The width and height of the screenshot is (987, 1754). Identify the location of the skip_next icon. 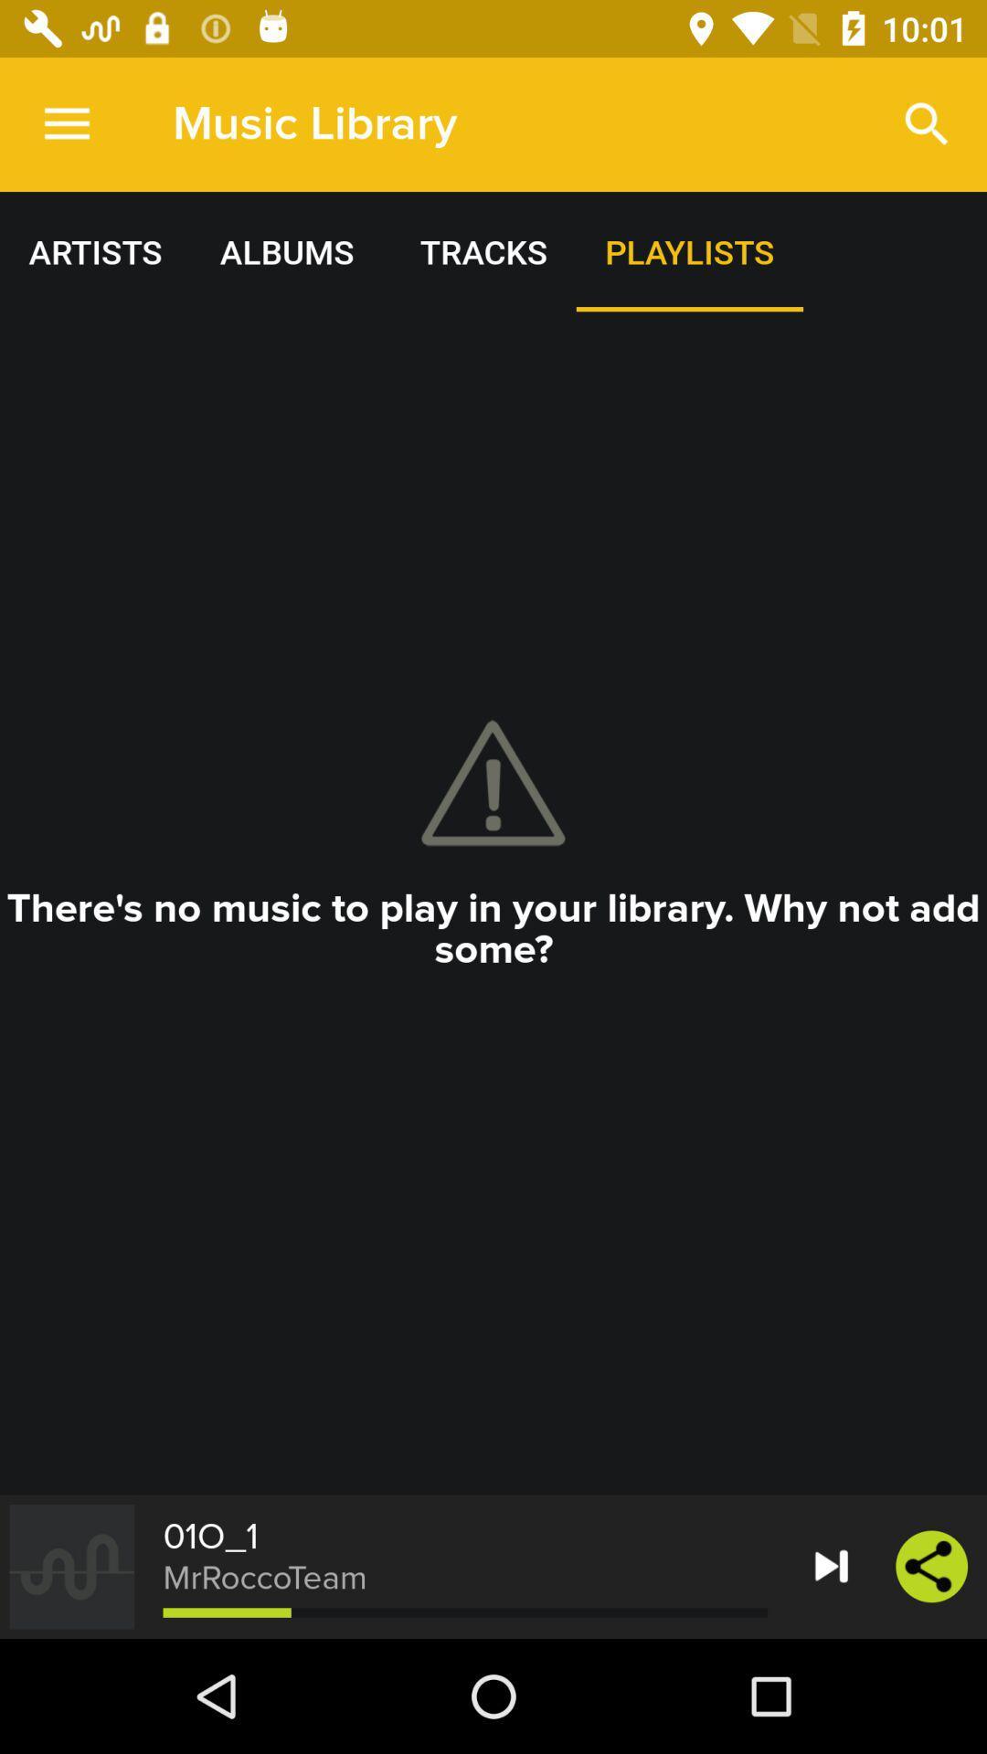
(832, 1565).